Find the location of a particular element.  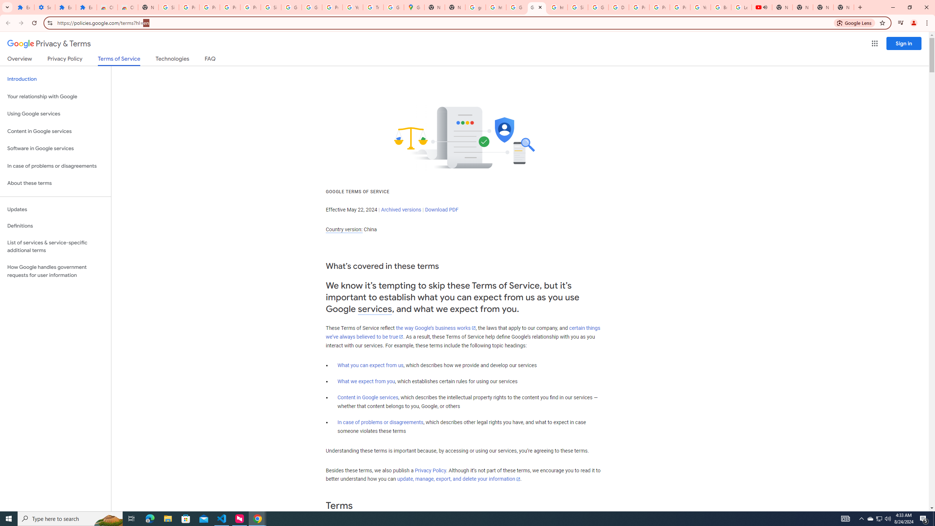

'Sign in - Google Accounts' is located at coordinates (577, 7).